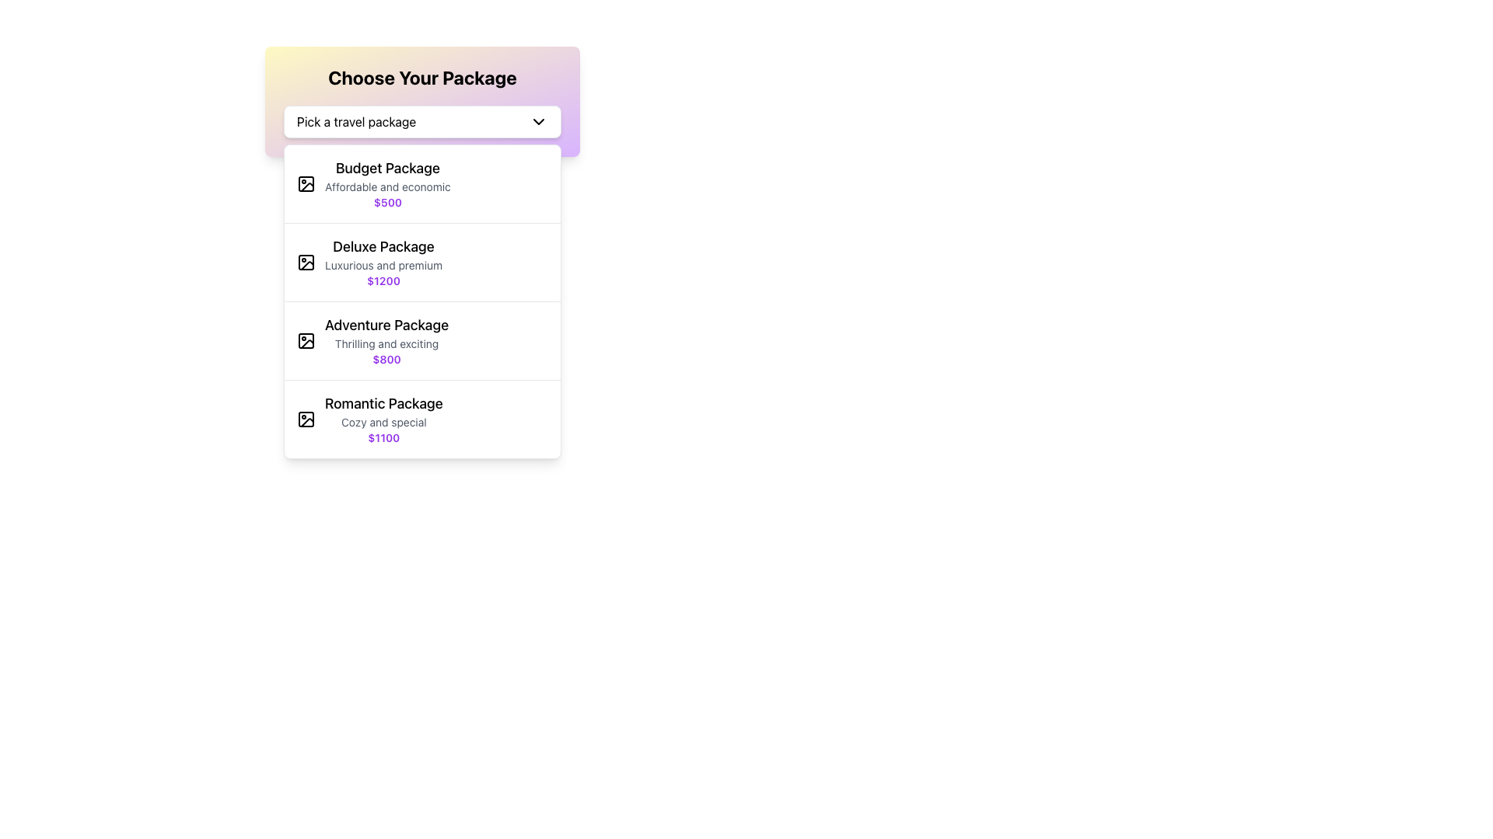 The width and height of the screenshot is (1493, 839). What do you see at coordinates (383, 422) in the screenshot?
I see `the text label that describes the 'Romantic Package', located directly below the 'Romantic Package' title in the fourth option of the list of travel packages` at bounding box center [383, 422].